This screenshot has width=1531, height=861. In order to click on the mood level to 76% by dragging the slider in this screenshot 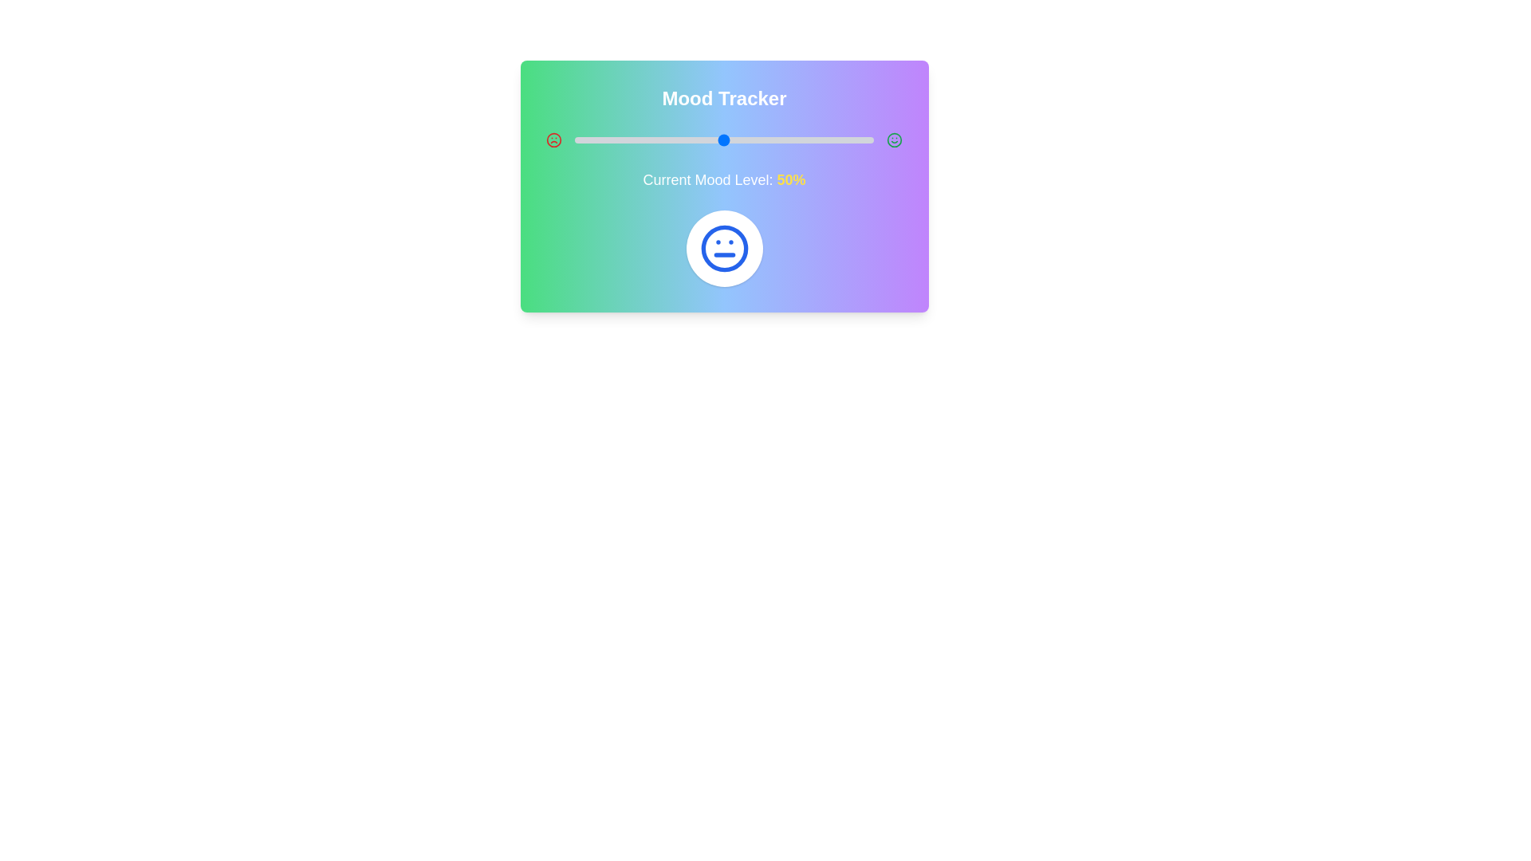, I will do `click(802, 140)`.